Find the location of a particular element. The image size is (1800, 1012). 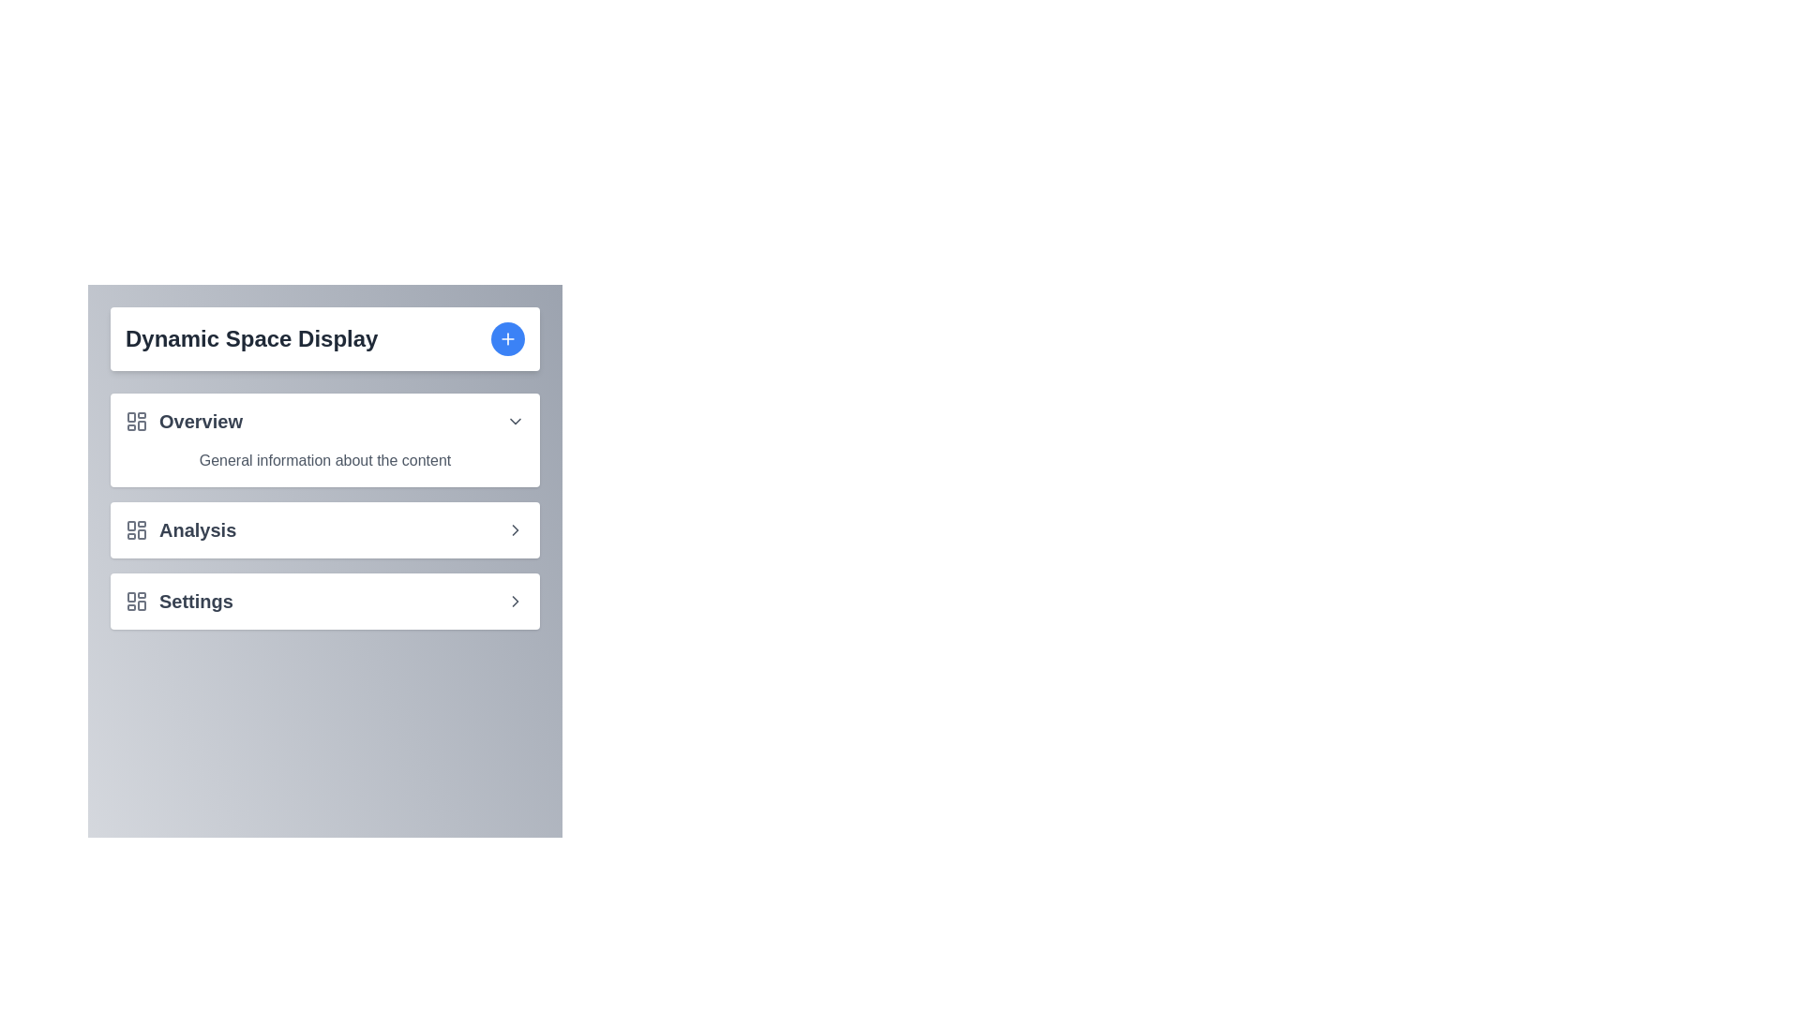

text of the Text Label located below the heading 'Dynamic Space Display', which is the first in its group and situated to the right of a dashboard-like icon is located at coordinates (201, 422).